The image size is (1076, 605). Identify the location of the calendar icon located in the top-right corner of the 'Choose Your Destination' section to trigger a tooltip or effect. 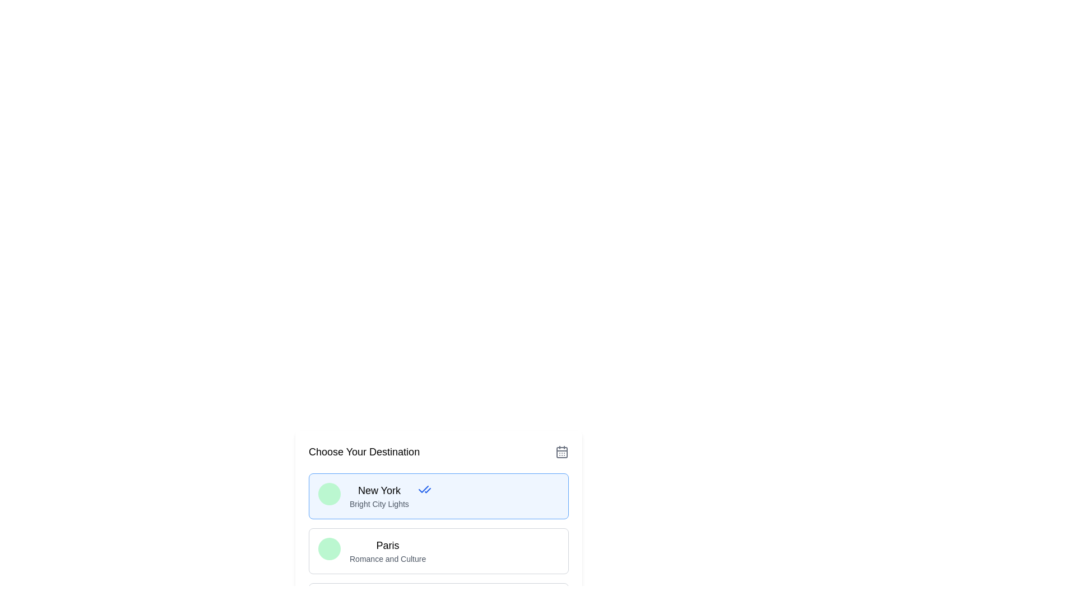
(562, 451).